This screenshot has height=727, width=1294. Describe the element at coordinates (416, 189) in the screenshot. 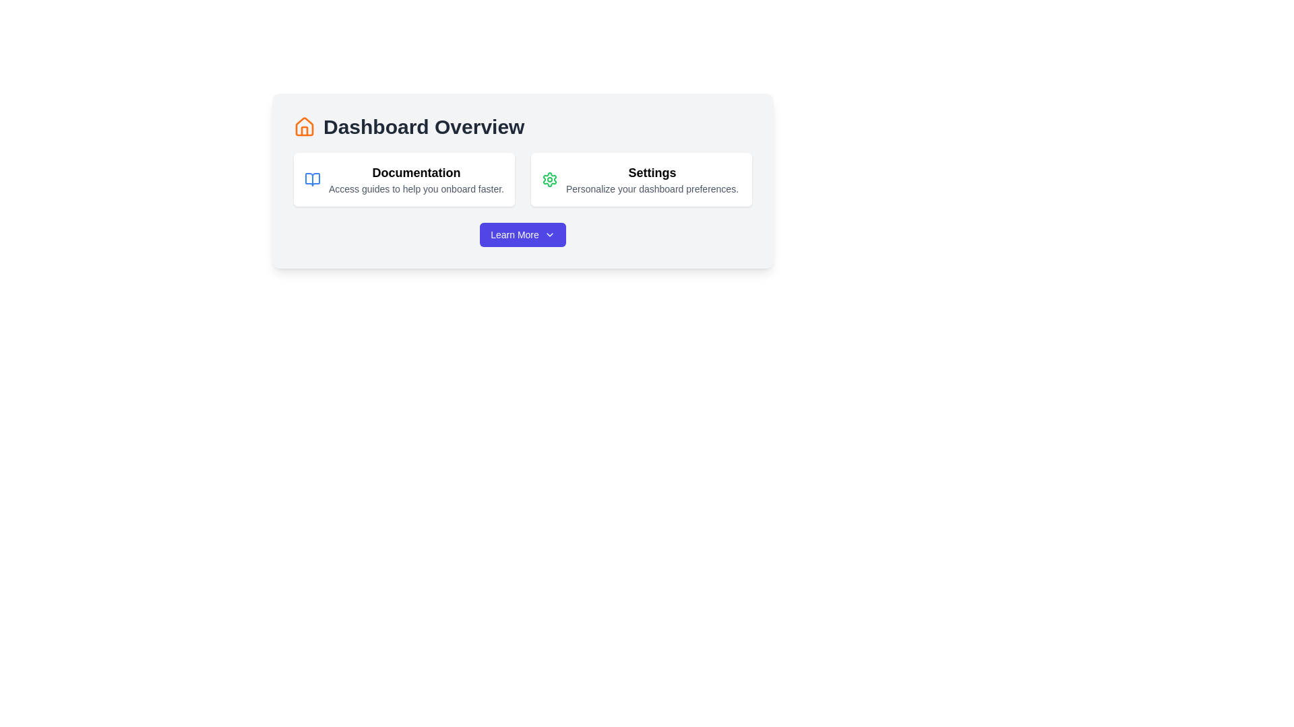

I see `the supportive description text element located below the 'Documentation' heading in the card-like section` at that location.